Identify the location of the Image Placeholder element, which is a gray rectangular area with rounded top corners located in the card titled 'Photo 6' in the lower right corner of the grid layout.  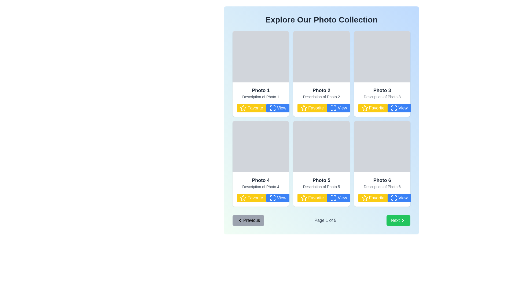
(382, 146).